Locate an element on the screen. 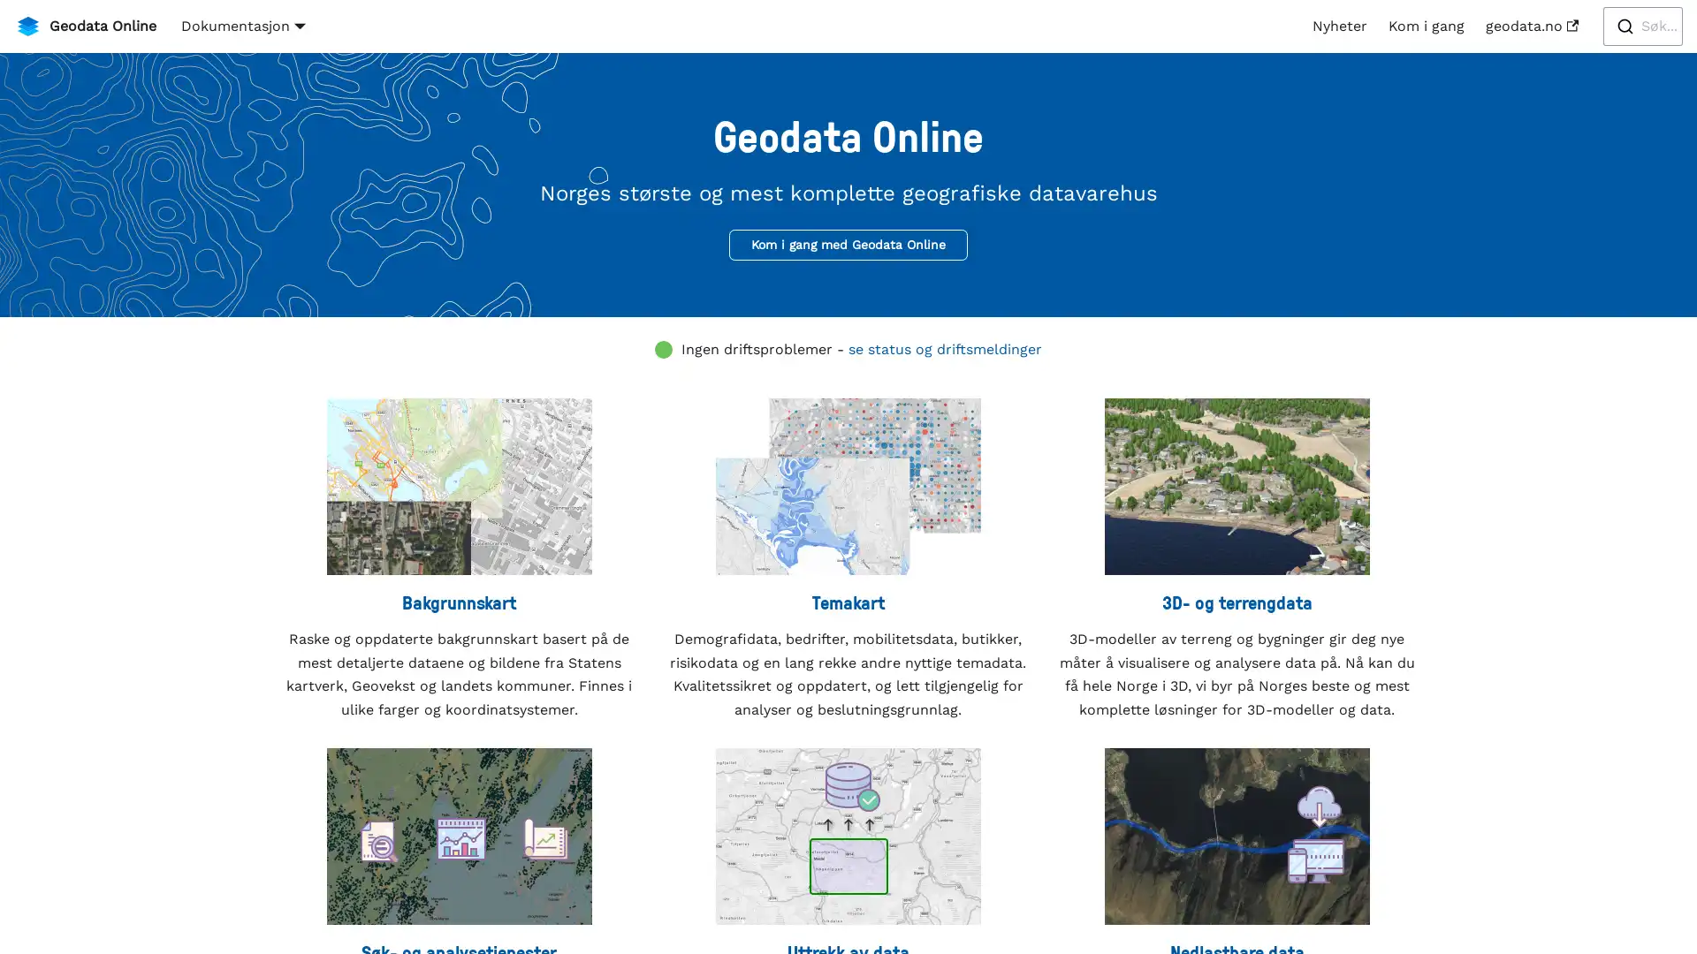  Sk... is located at coordinates (1641, 26).